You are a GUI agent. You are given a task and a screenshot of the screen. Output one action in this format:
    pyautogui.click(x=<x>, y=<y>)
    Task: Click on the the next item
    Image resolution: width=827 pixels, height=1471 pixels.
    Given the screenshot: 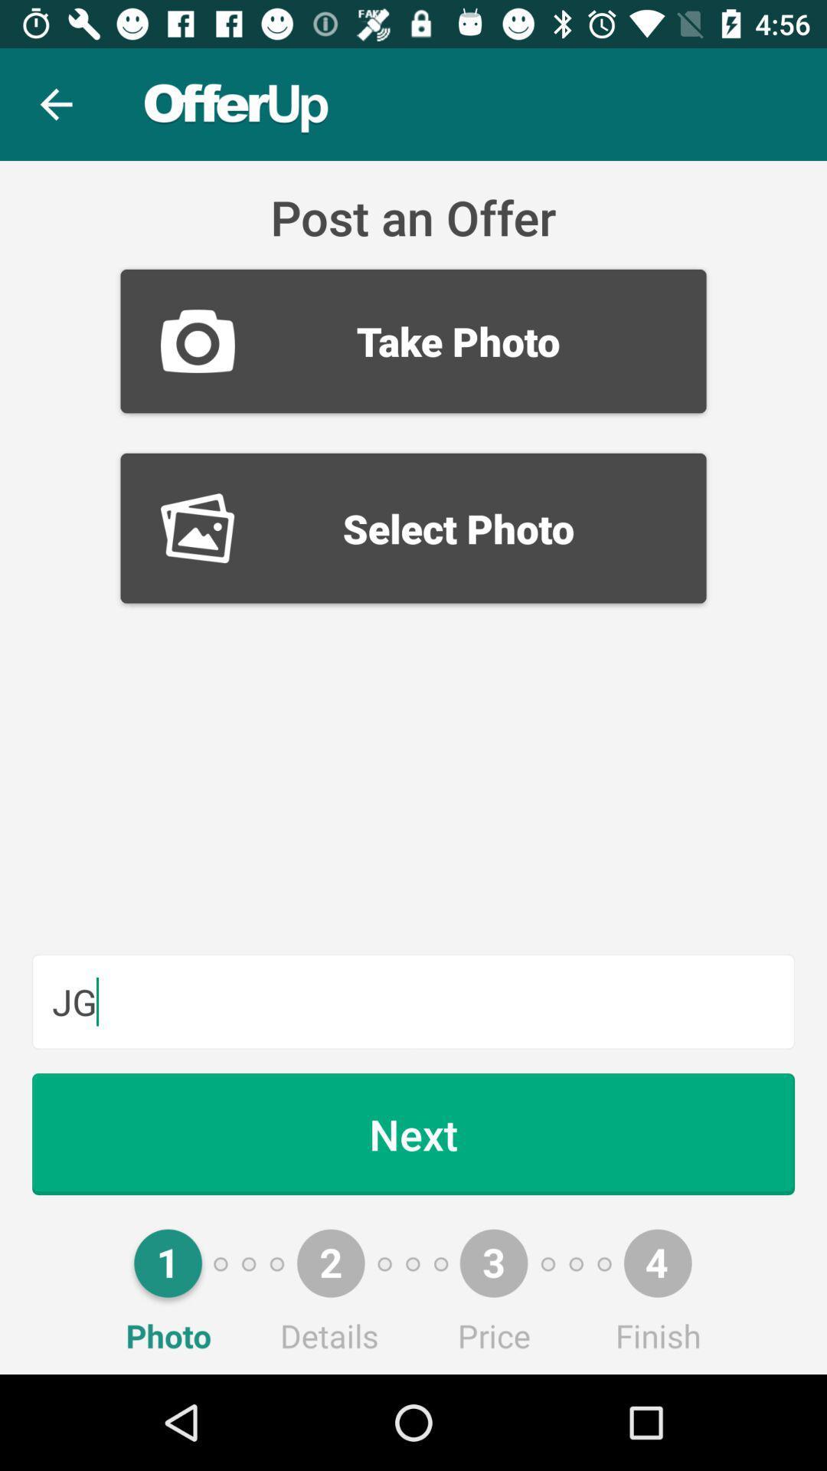 What is the action you would take?
    pyautogui.click(x=413, y=1134)
    